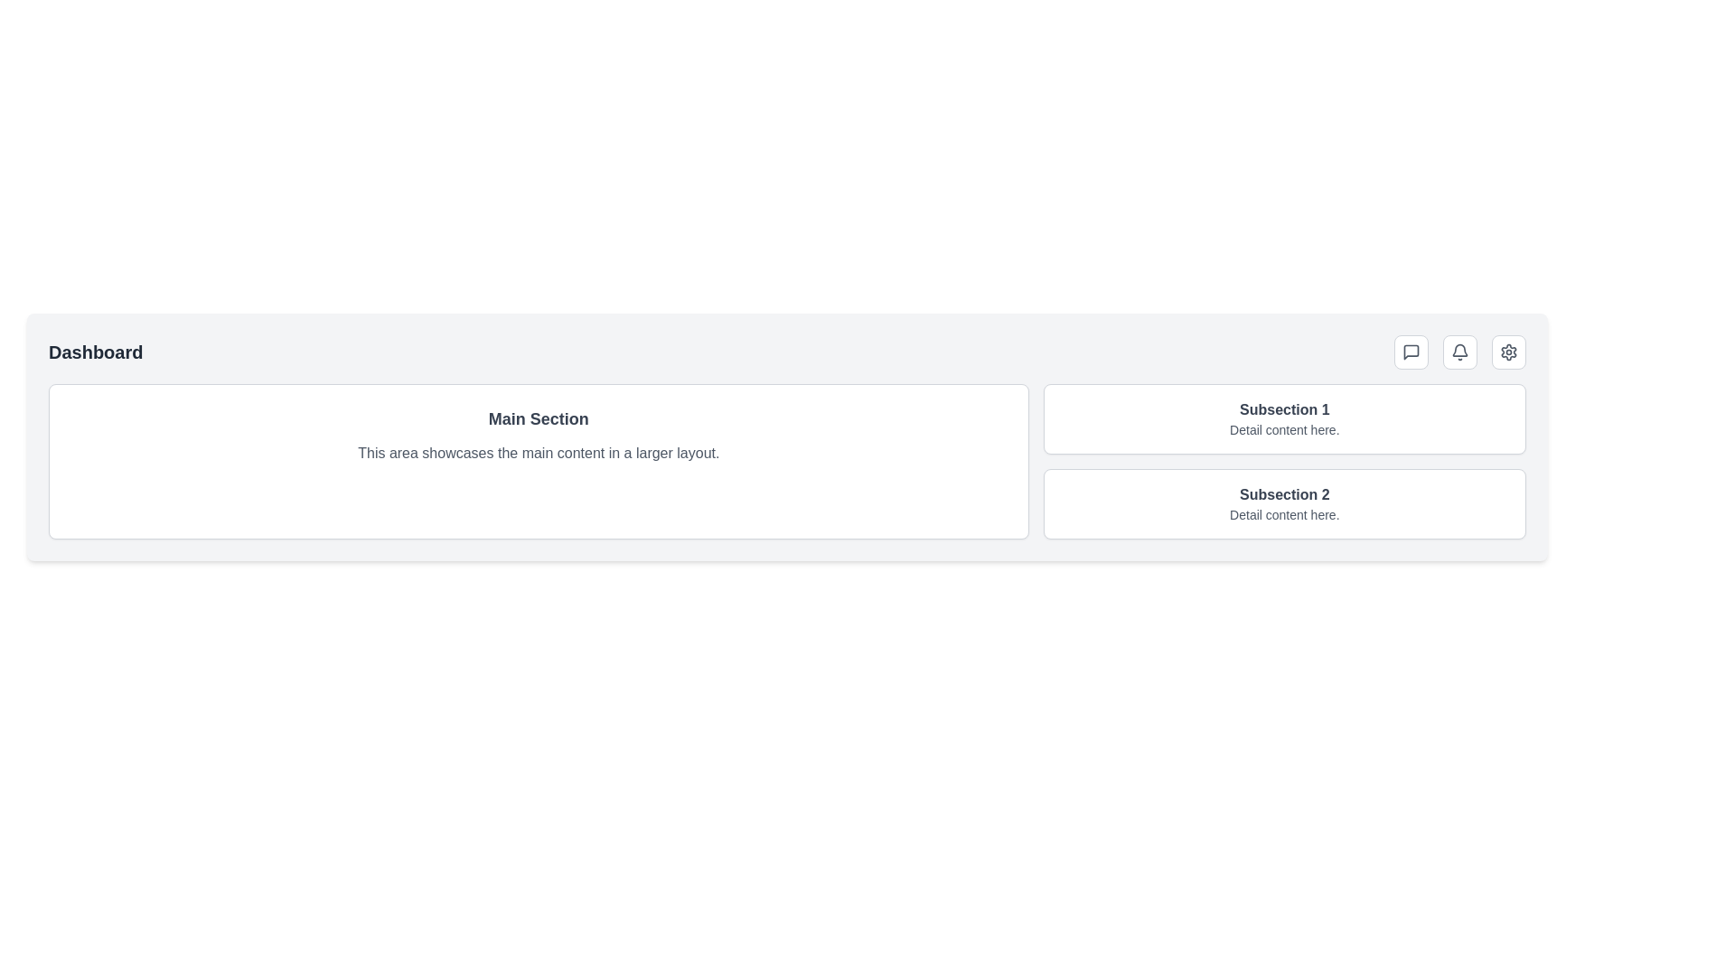  Describe the element at coordinates (538, 452) in the screenshot. I see `the text label that contains the content 'This area showcases the main content in a larger layout.', which is located directly below the heading 'Main Section'` at that location.